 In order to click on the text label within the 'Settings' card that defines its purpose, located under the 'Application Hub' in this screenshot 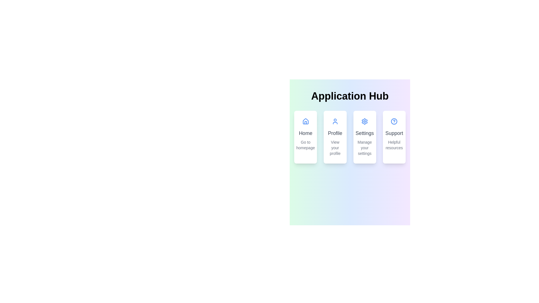, I will do `click(365, 133)`.